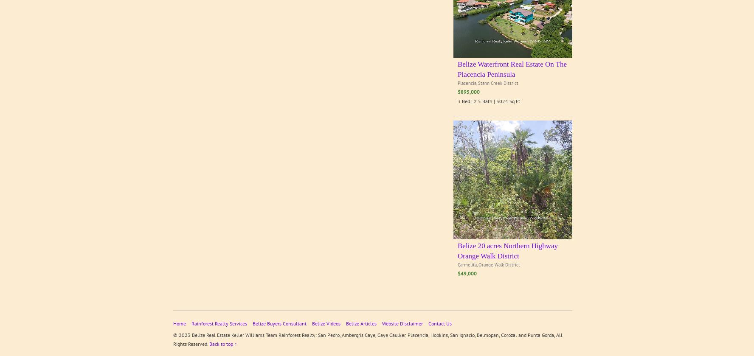 Image resolution: width=754 pixels, height=356 pixels. I want to click on 'Belize Buyers Consultant', so click(279, 323).